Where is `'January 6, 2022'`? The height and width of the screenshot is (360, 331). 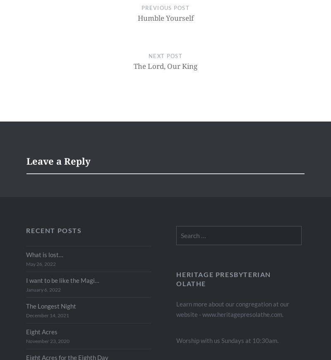
'January 6, 2022' is located at coordinates (26, 289).